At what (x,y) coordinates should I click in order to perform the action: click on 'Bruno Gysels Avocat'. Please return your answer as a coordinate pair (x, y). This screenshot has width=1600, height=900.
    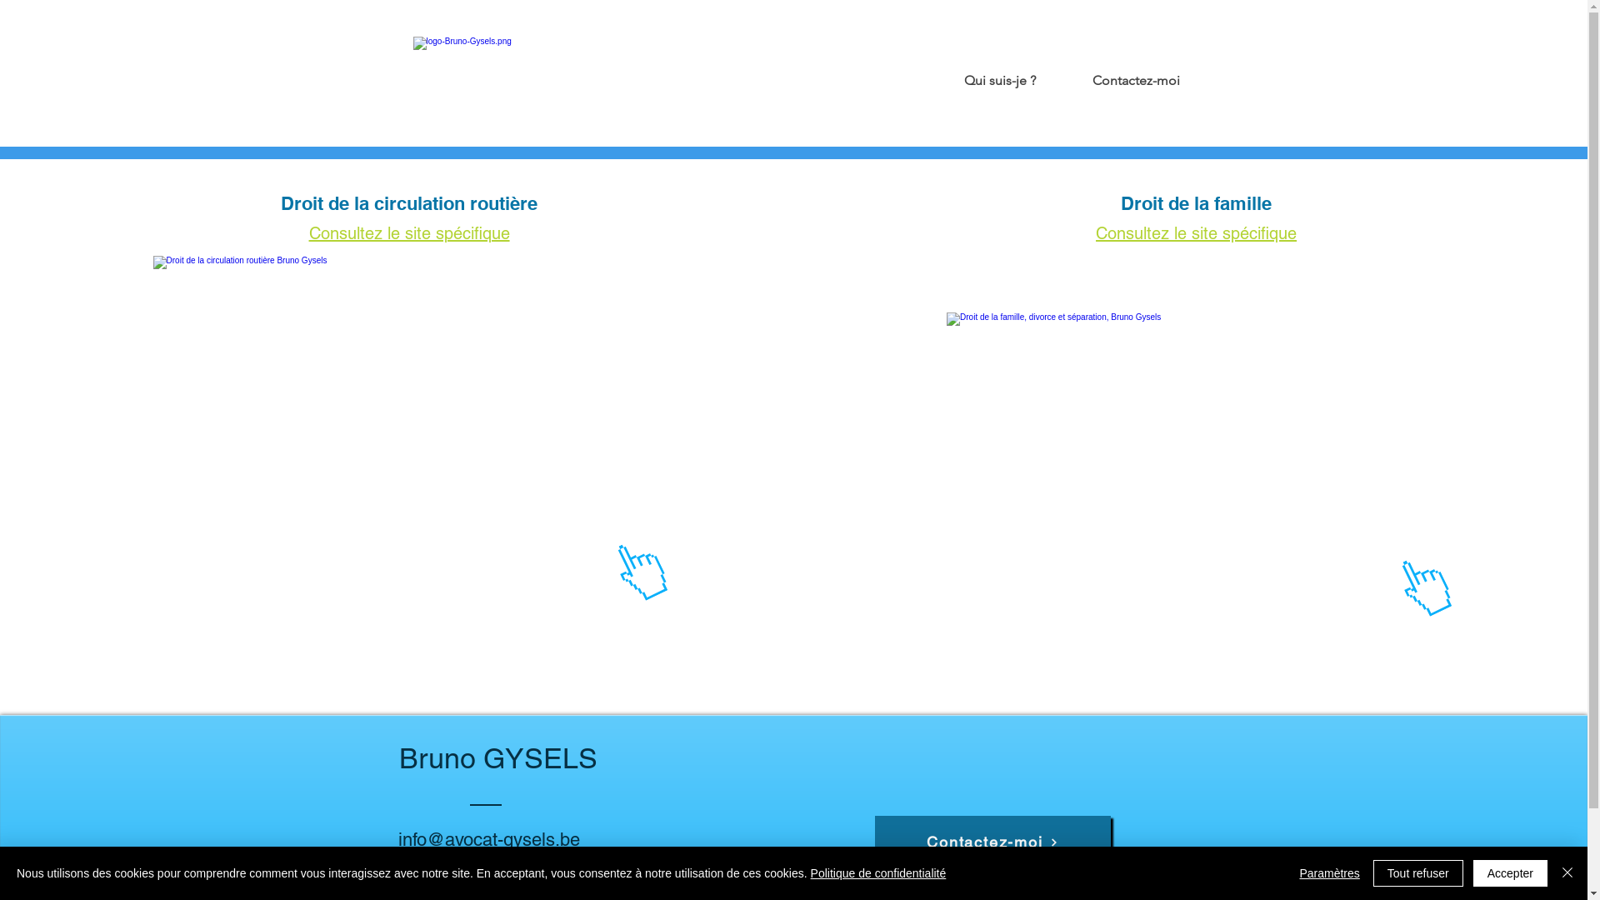
    Looking at the image, I should click on (412, 72).